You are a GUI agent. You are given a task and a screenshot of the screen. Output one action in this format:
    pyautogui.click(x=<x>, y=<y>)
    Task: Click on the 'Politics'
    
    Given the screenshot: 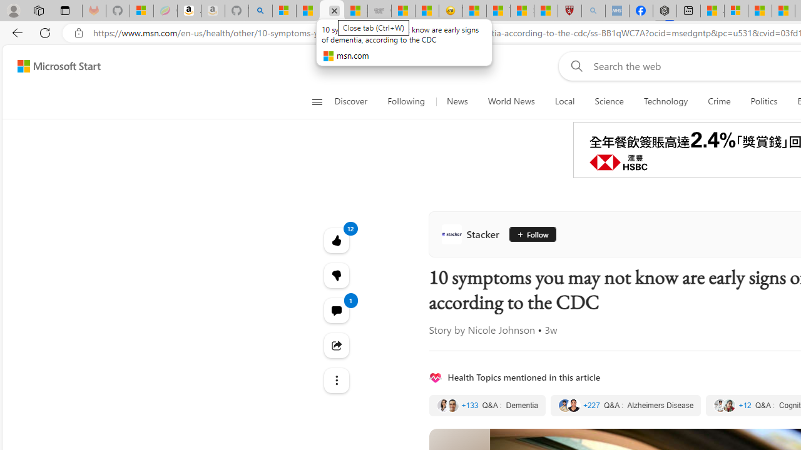 What is the action you would take?
    pyautogui.click(x=763, y=101)
    